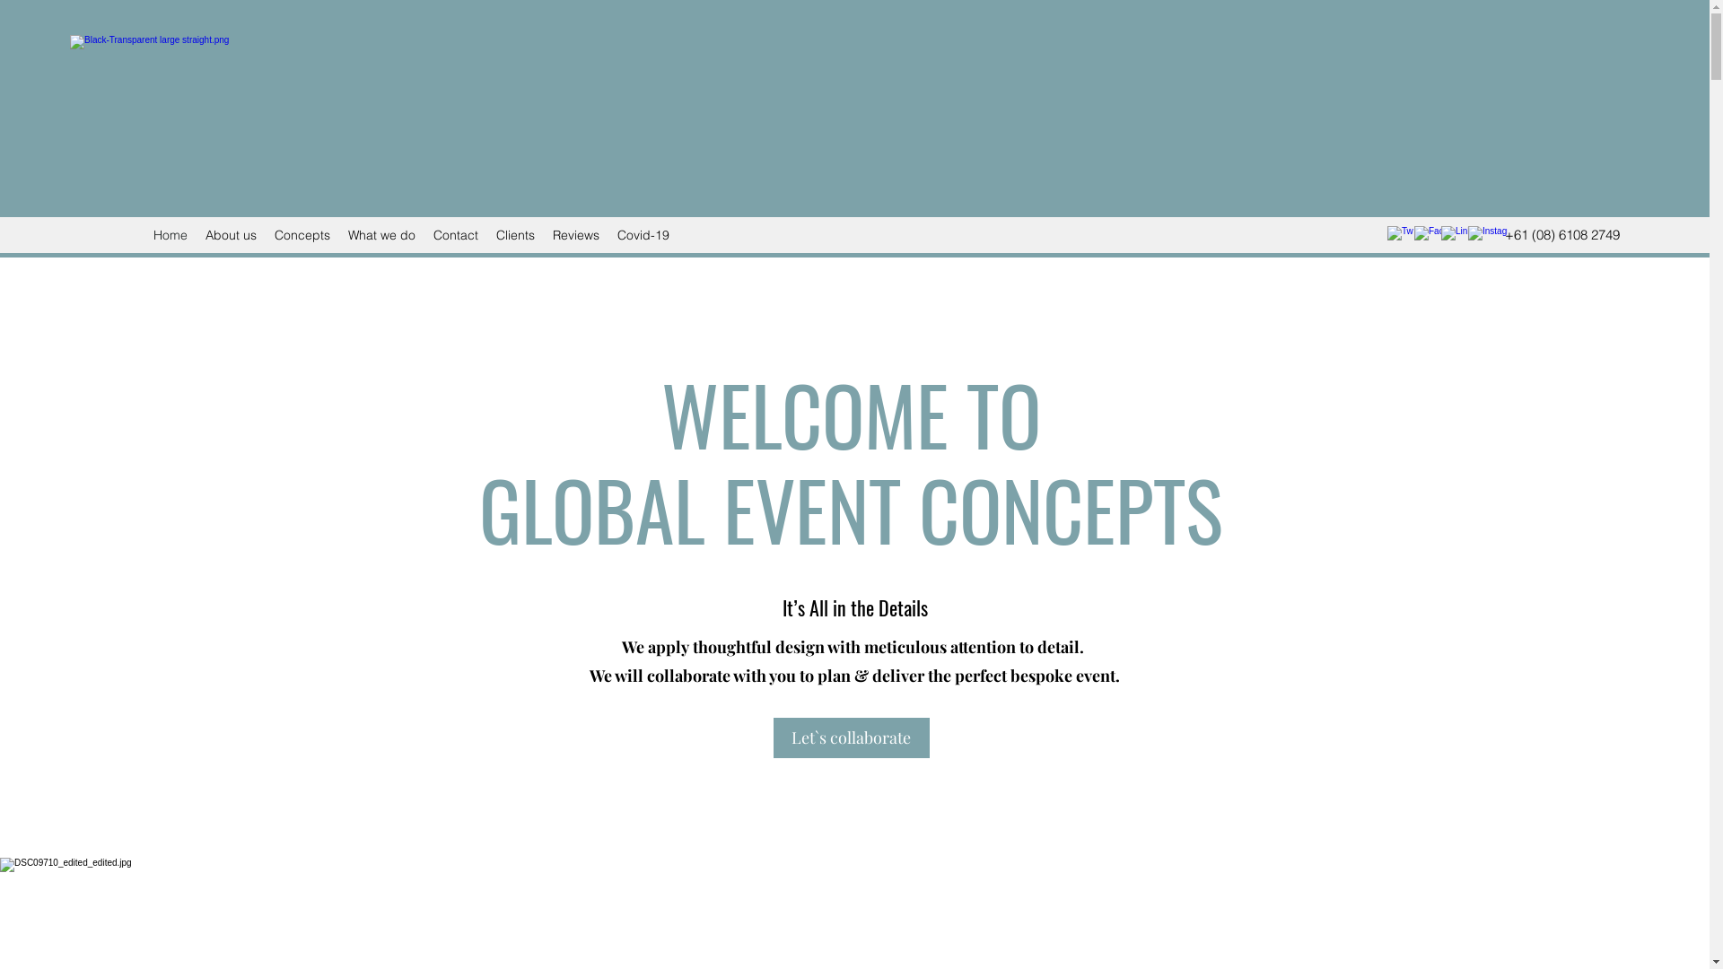  What do you see at coordinates (230, 234) in the screenshot?
I see `'About us'` at bounding box center [230, 234].